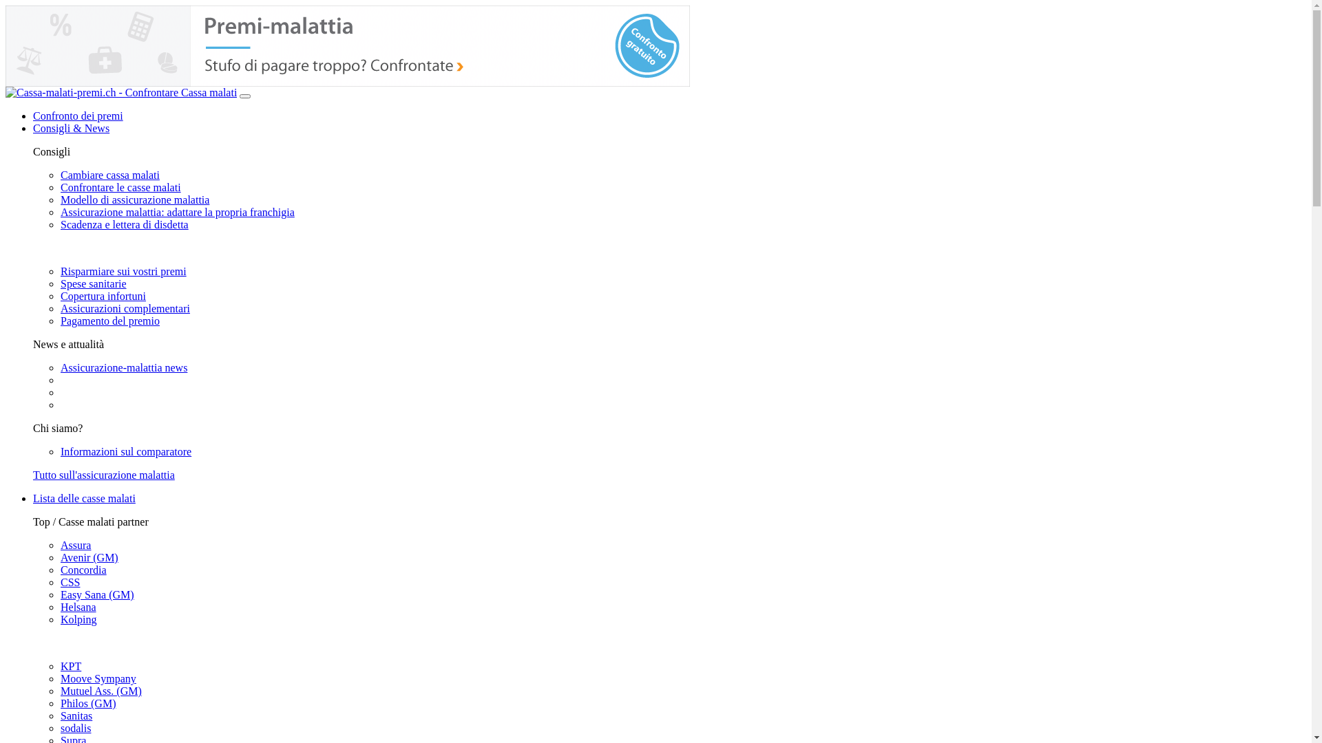 The image size is (1322, 743). Describe the element at coordinates (103, 474) in the screenshot. I see `'Tutto sull'assicurazione malattia'` at that location.